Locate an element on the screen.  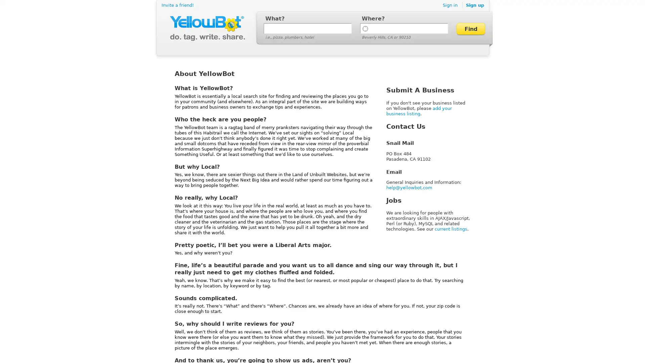
Find is located at coordinates (470, 28).